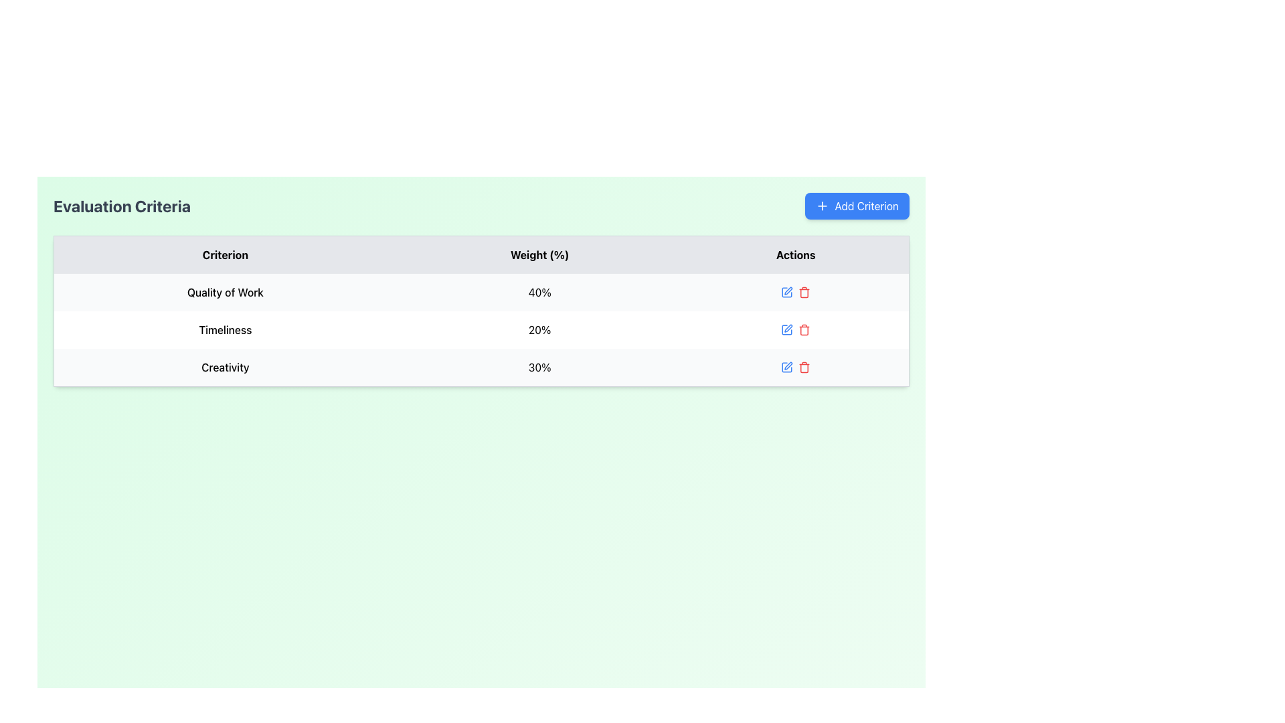  I want to click on the blue edit icon located in the 'Actions' column of the first data row corresponding to 'Quality of Work', so click(796, 291).